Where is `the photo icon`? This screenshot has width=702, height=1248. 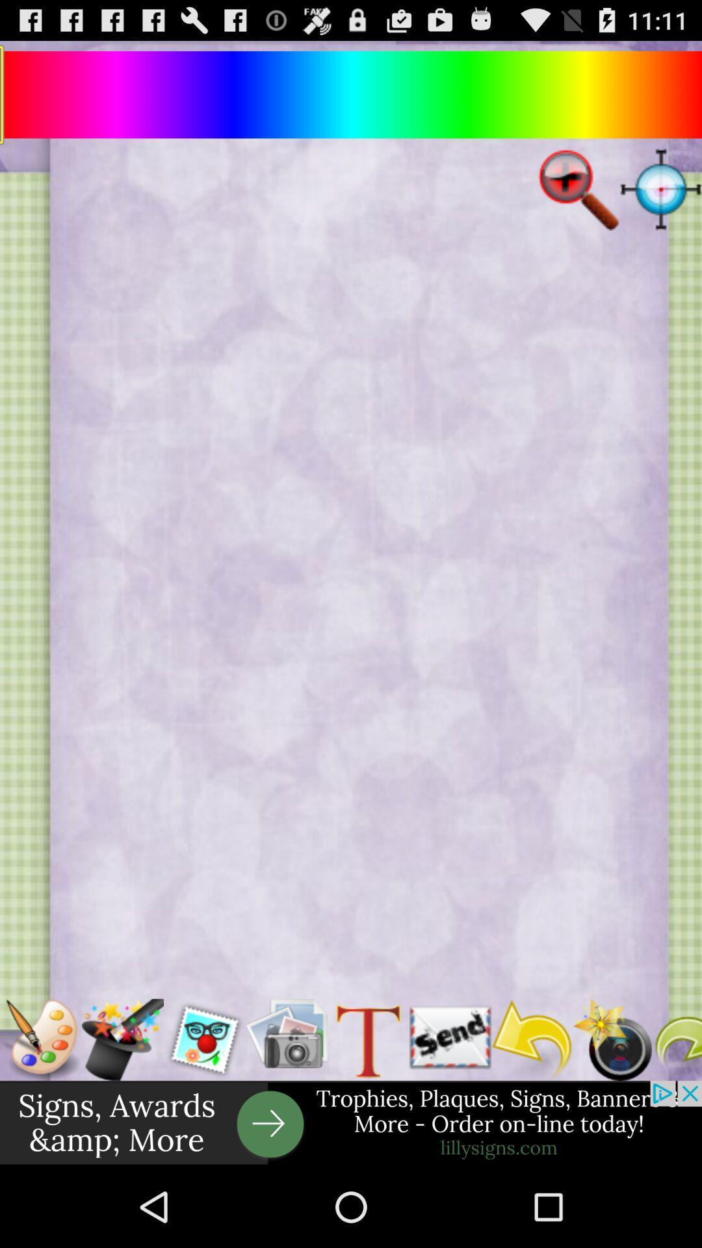 the photo icon is located at coordinates (285, 1105).